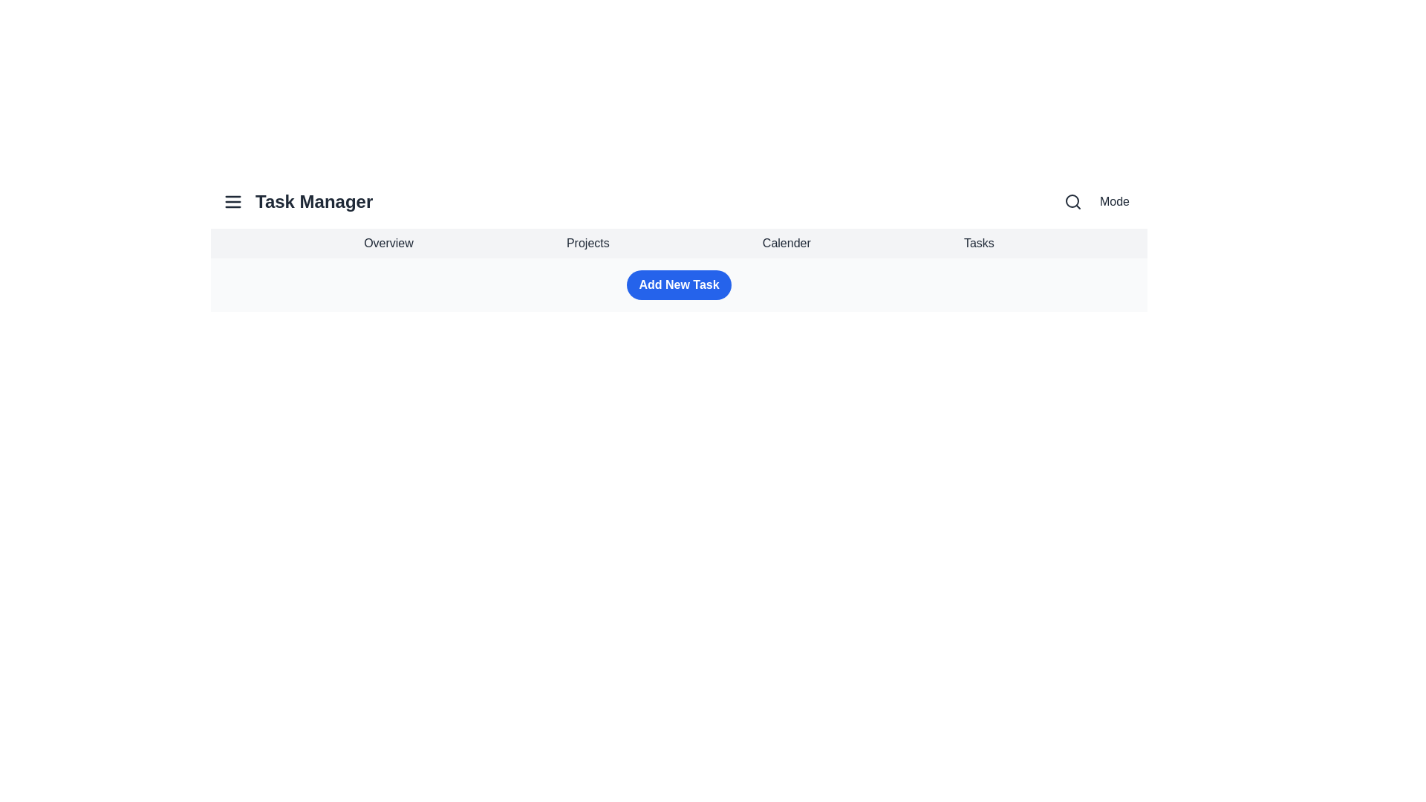 This screenshot has height=802, width=1426. What do you see at coordinates (1115, 202) in the screenshot?
I see `the 'Mode' button to toggle between light and dark mode` at bounding box center [1115, 202].